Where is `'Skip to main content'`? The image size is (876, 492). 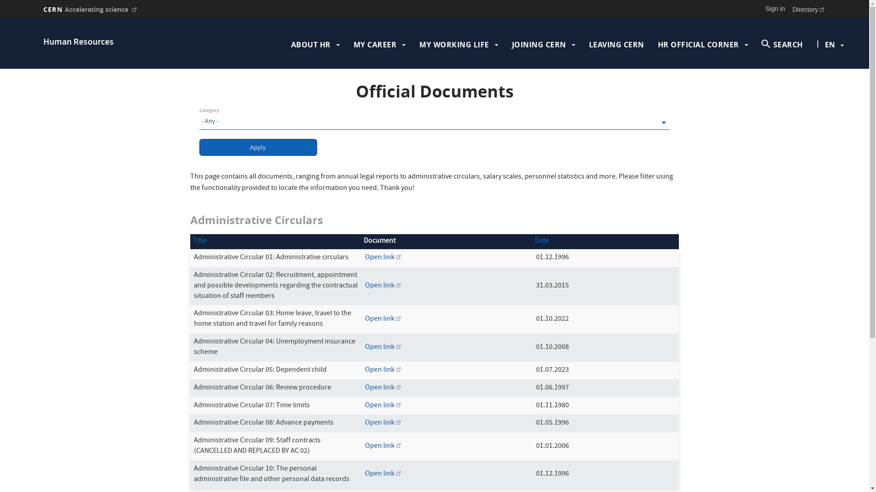 'Skip to main content' is located at coordinates (0, 18).